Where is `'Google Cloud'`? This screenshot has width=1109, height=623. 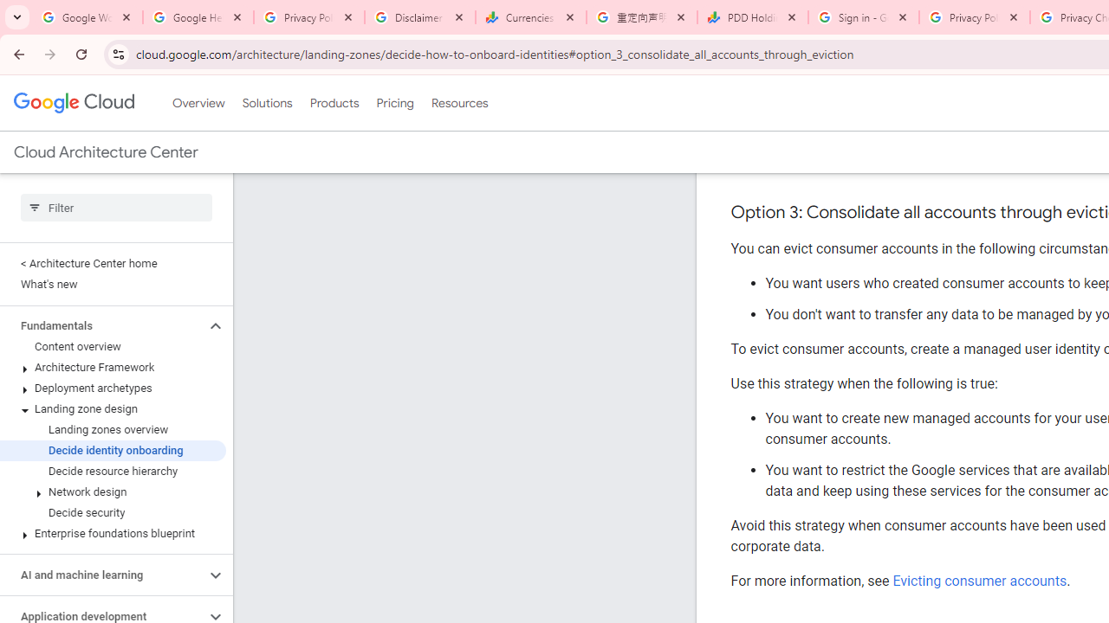
'Google Cloud' is located at coordinates (73, 103).